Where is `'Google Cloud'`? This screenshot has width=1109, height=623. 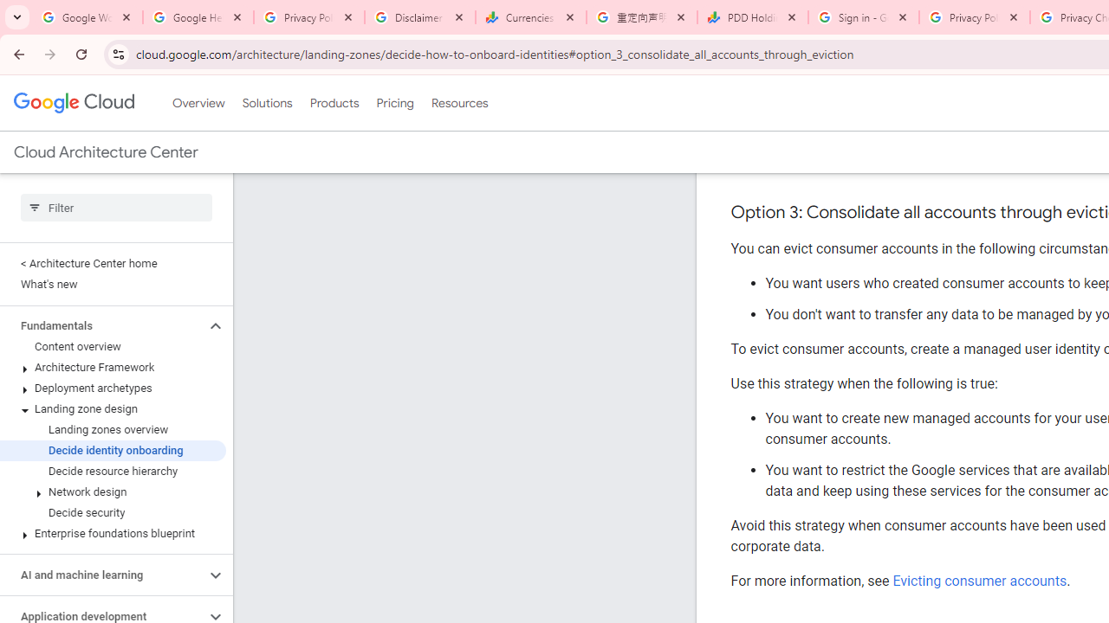
'Google Cloud' is located at coordinates (73, 103).